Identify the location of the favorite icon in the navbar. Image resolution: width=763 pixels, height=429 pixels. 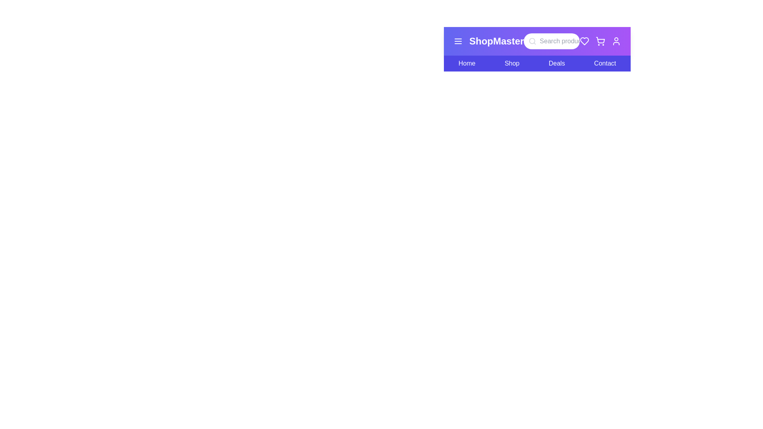
(584, 41).